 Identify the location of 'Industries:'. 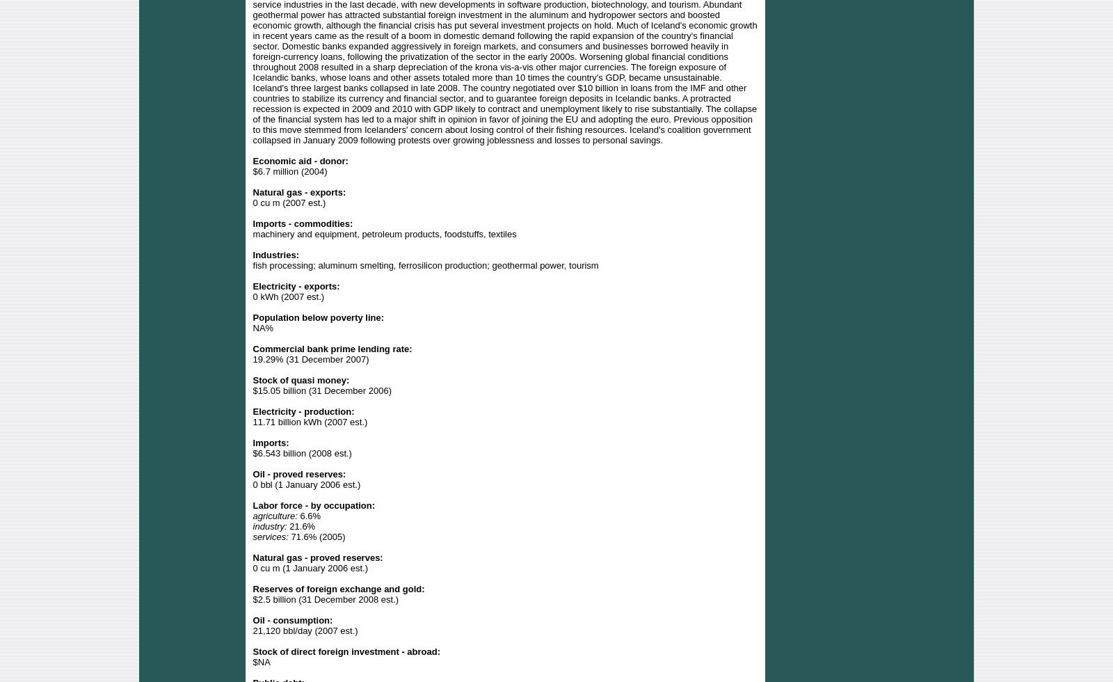
(275, 254).